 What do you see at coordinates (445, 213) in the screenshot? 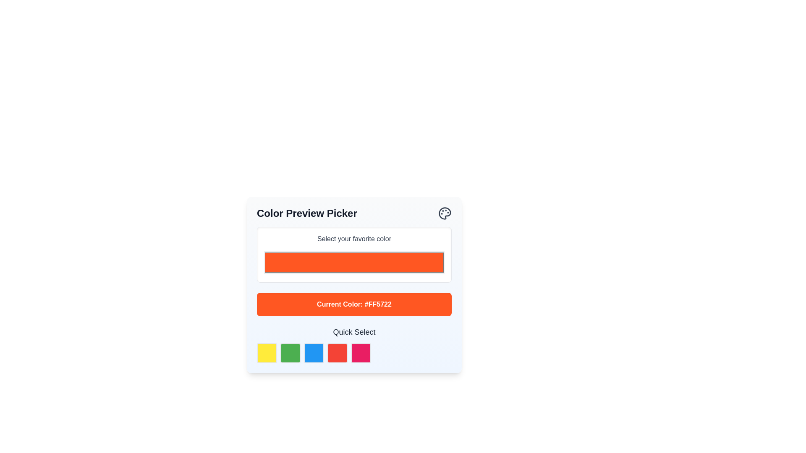
I see `the palette icon located at the top-right corner of the 'Color Preview Picker' interface` at bounding box center [445, 213].